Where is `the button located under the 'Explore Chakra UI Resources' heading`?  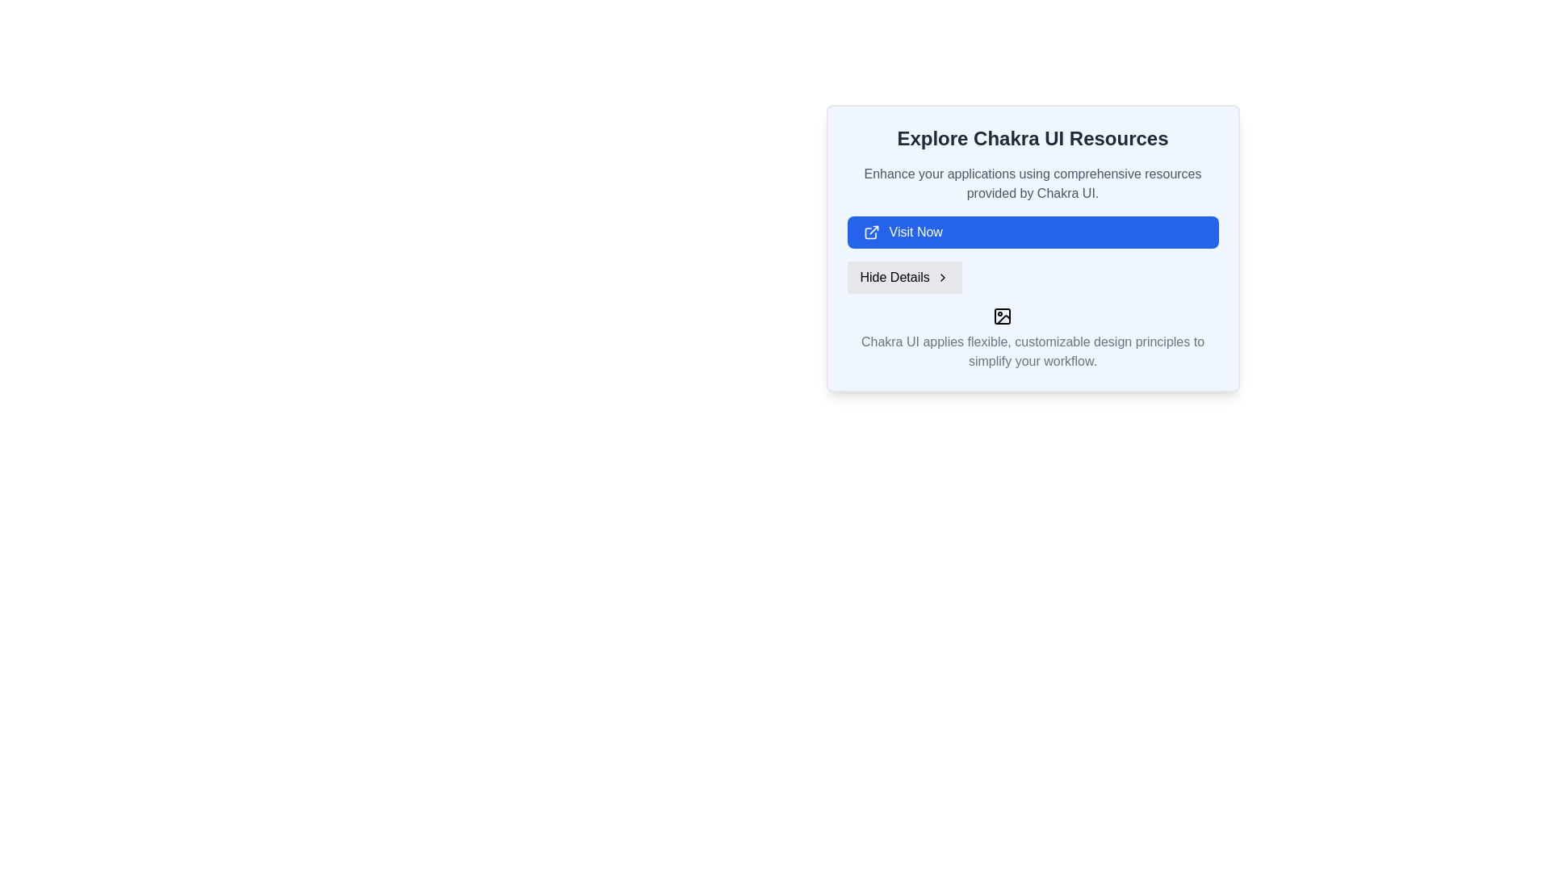
the button located under the 'Explore Chakra UI Resources' heading is located at coordinates (1032, 249).